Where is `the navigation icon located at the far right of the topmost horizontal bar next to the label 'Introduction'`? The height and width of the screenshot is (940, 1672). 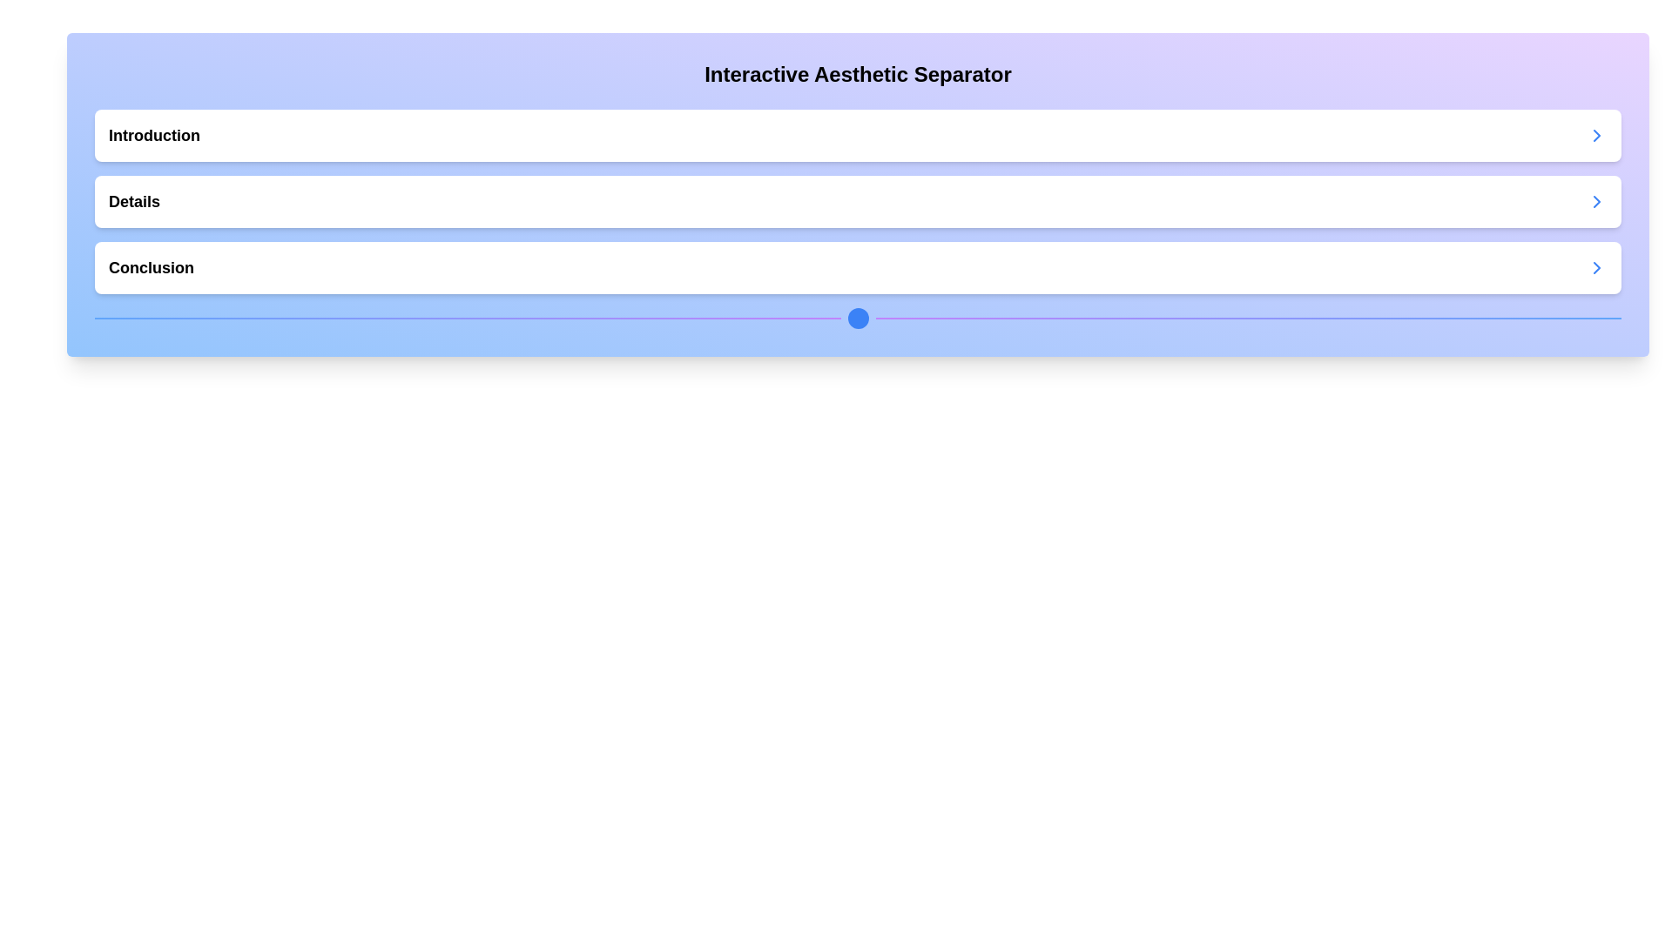
the navigation icon located at the far right of the topmost horizontal bar next to the label 'Introduction' is located at coordinates (1596, 134).